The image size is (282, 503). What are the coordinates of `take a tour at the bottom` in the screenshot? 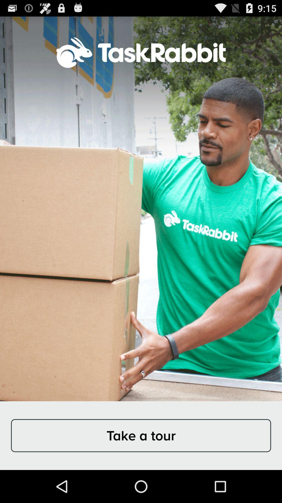 It's located at (141, 435).